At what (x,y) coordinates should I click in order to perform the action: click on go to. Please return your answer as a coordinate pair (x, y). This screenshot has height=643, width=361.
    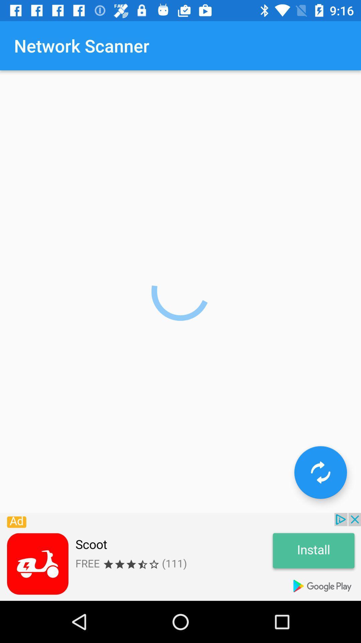
    Looking at the image, I should click on (320, 472).